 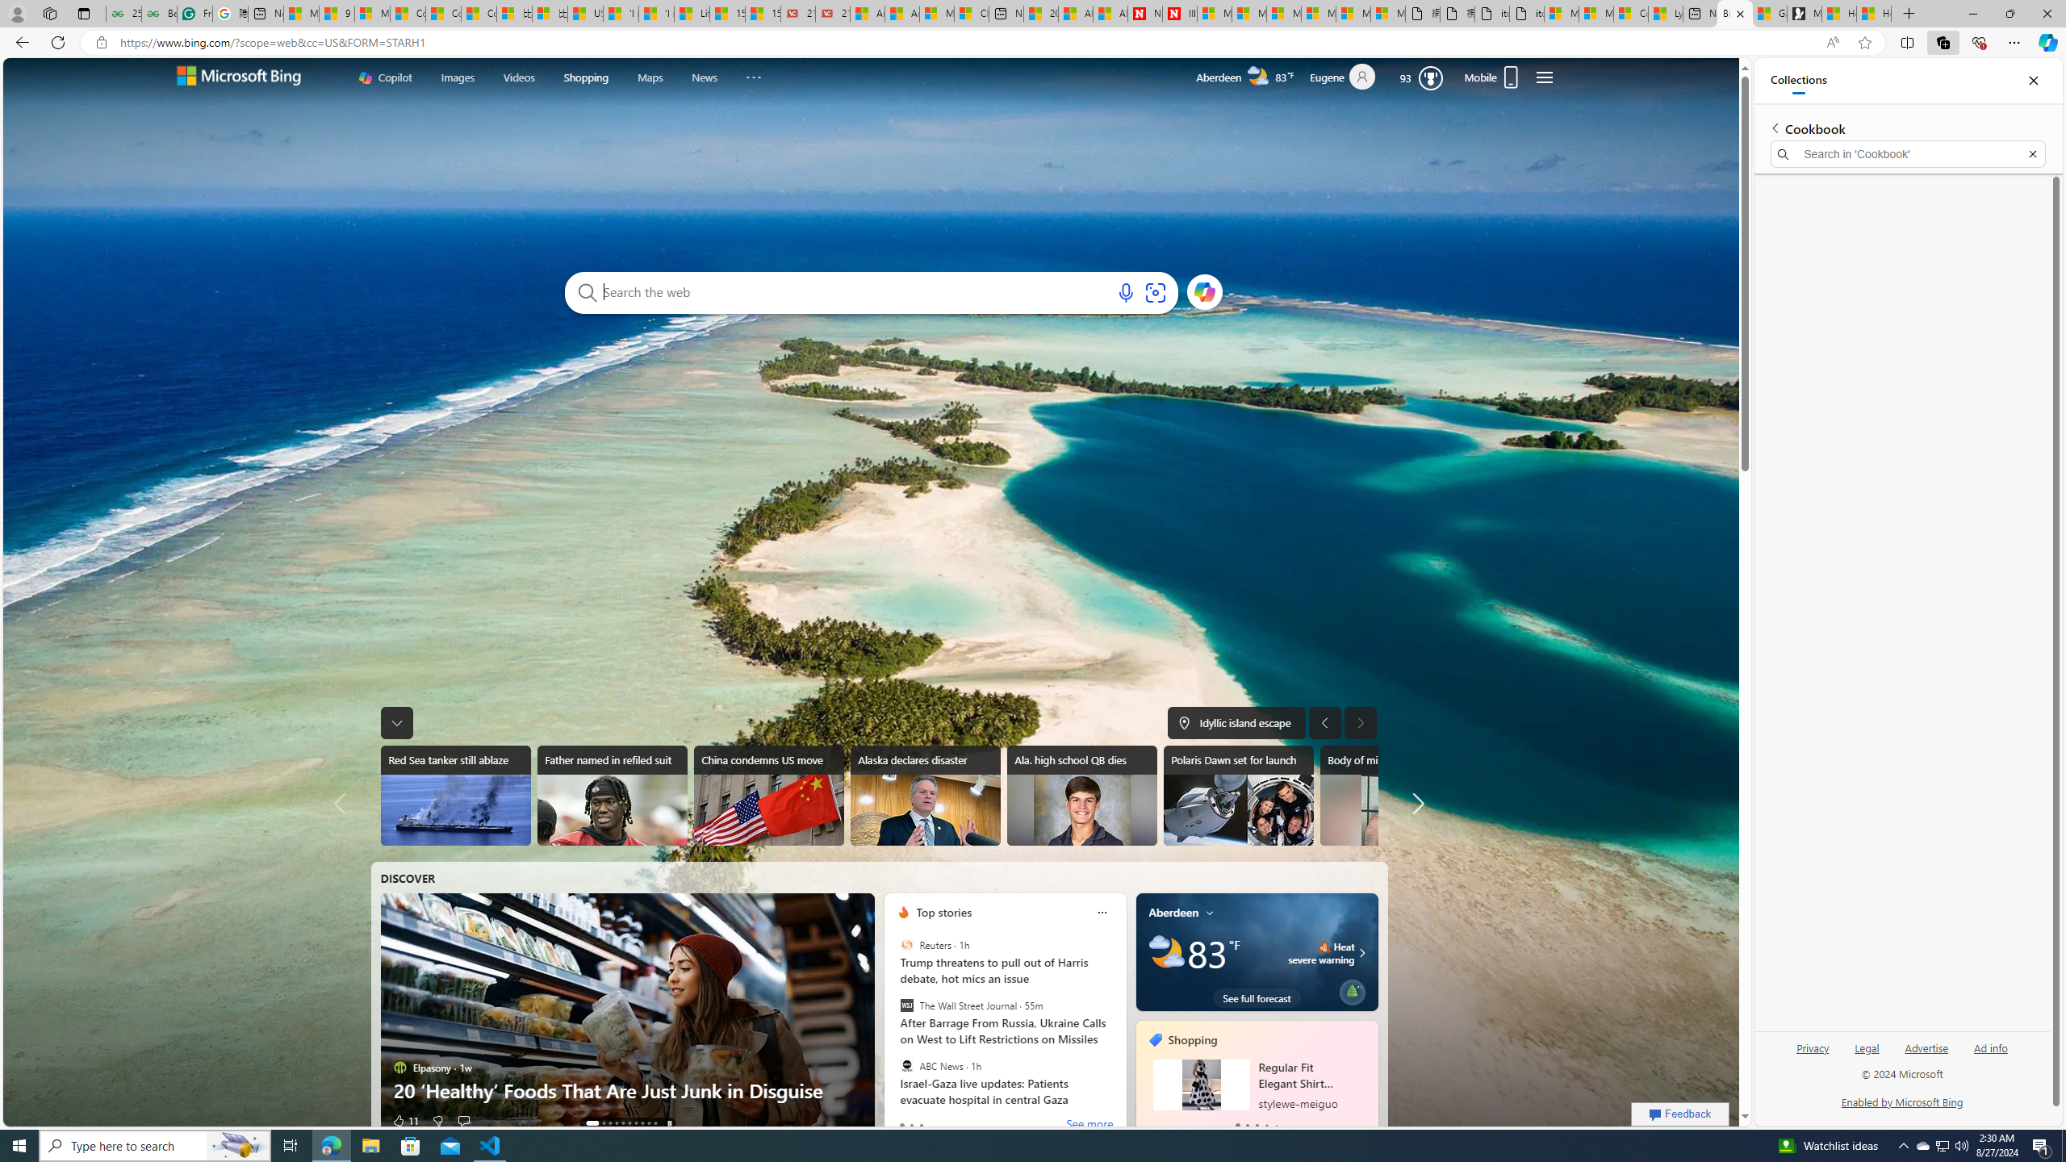 What do you see at coordinates (237, 77) in the screenshot?
I see `'Welcome to Bing Search'` at bounding box center [237, 77].